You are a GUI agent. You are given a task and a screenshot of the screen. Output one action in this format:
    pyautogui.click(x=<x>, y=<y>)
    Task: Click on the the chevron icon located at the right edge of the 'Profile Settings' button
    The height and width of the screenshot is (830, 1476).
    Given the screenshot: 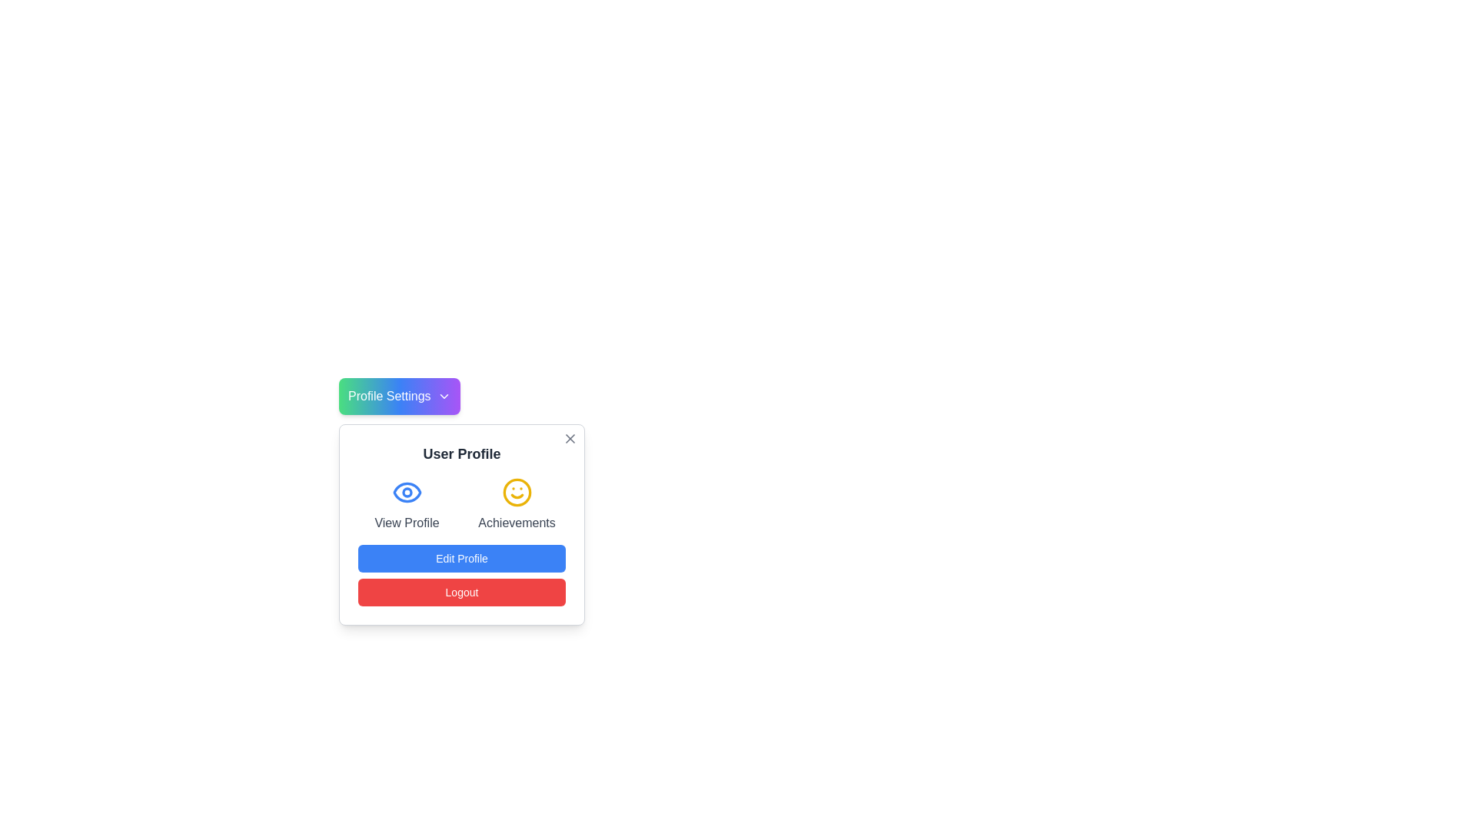 What is the action you would take?
    pyautogui.click(x=443, y=396)
    